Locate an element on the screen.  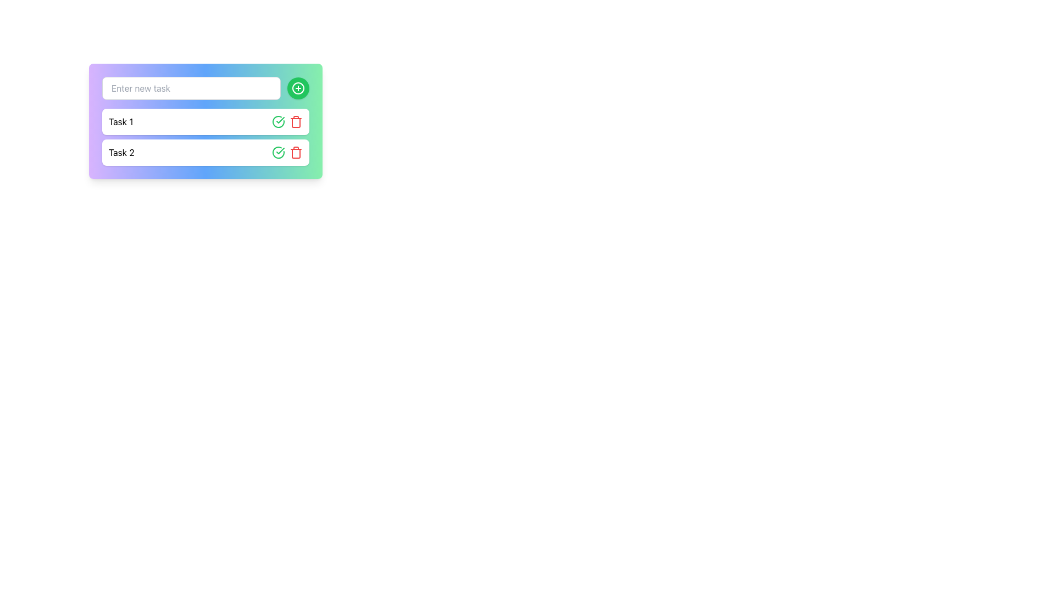
the delete button located on the right side of 'Task 2' in the task list is located at coordinates (296, 122).